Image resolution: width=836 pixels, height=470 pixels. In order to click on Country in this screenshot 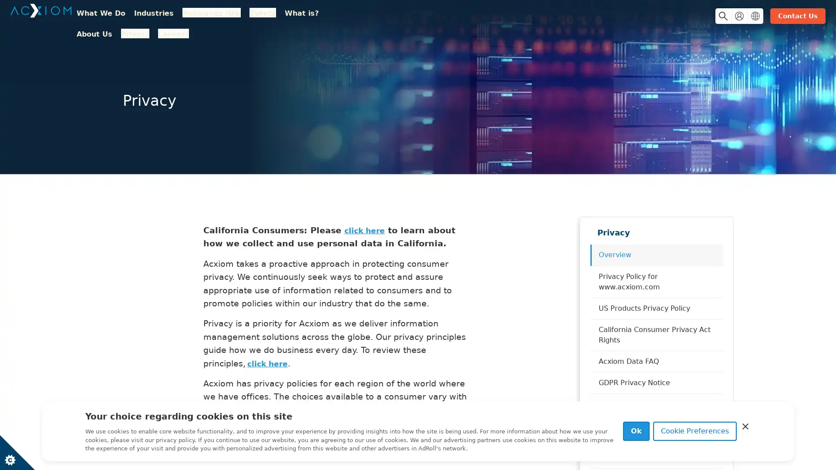, I will do `click(748, 17)`.